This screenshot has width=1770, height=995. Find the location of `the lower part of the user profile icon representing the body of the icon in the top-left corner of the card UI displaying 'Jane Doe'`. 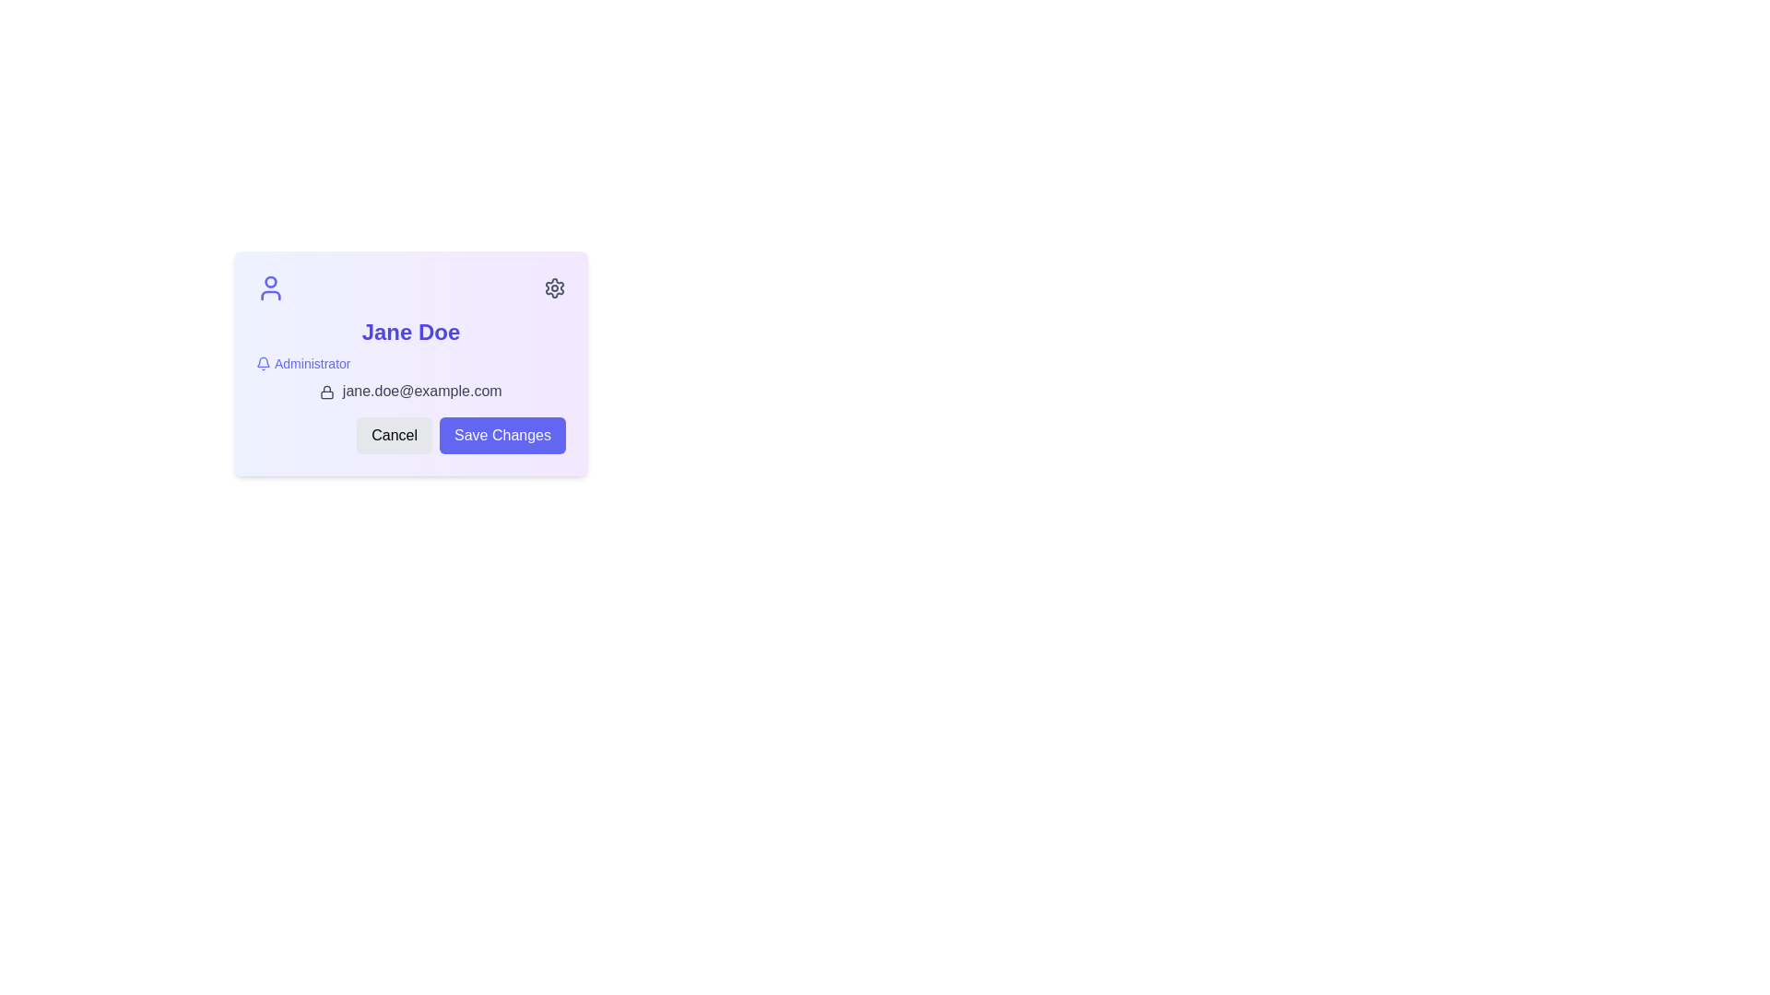

the lower part of the user profile icon representing the body of the icon in the top-left corner of the card UI displaying 'Jane Doe' is located at coordinates (269, 294).